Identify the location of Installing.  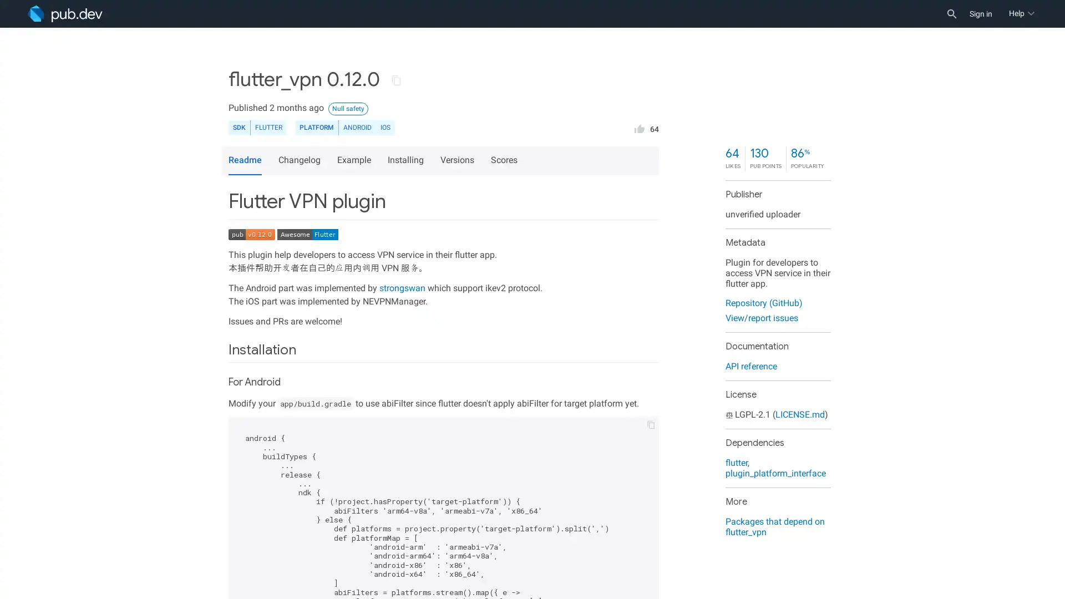
(407, 160).